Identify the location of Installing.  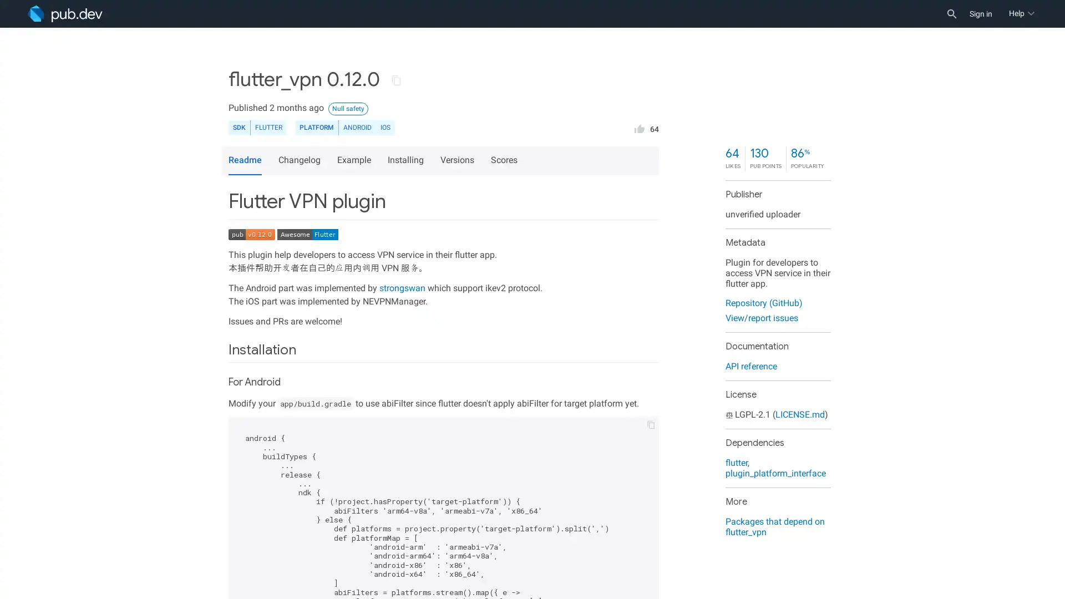
(407, 160).